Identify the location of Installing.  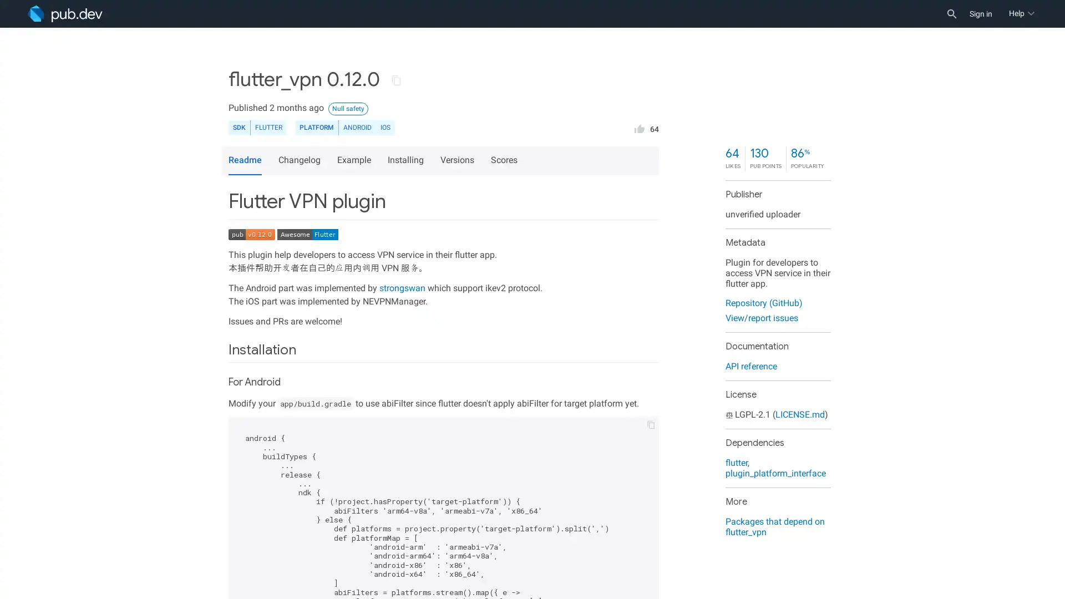
(407, 160).